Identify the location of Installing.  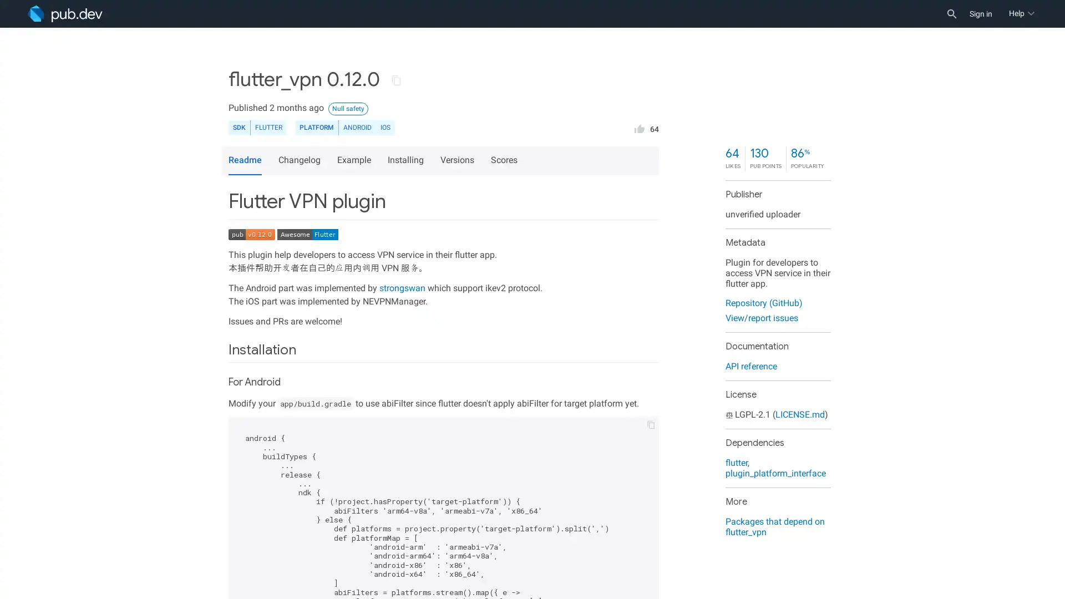
(407, 160).